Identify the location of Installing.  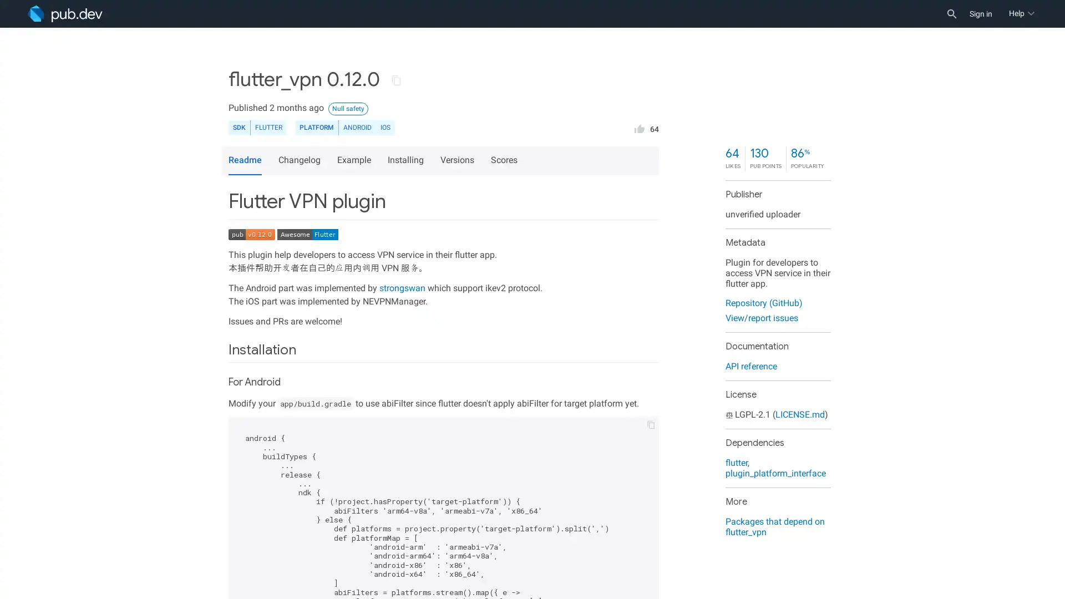
(407, 160).